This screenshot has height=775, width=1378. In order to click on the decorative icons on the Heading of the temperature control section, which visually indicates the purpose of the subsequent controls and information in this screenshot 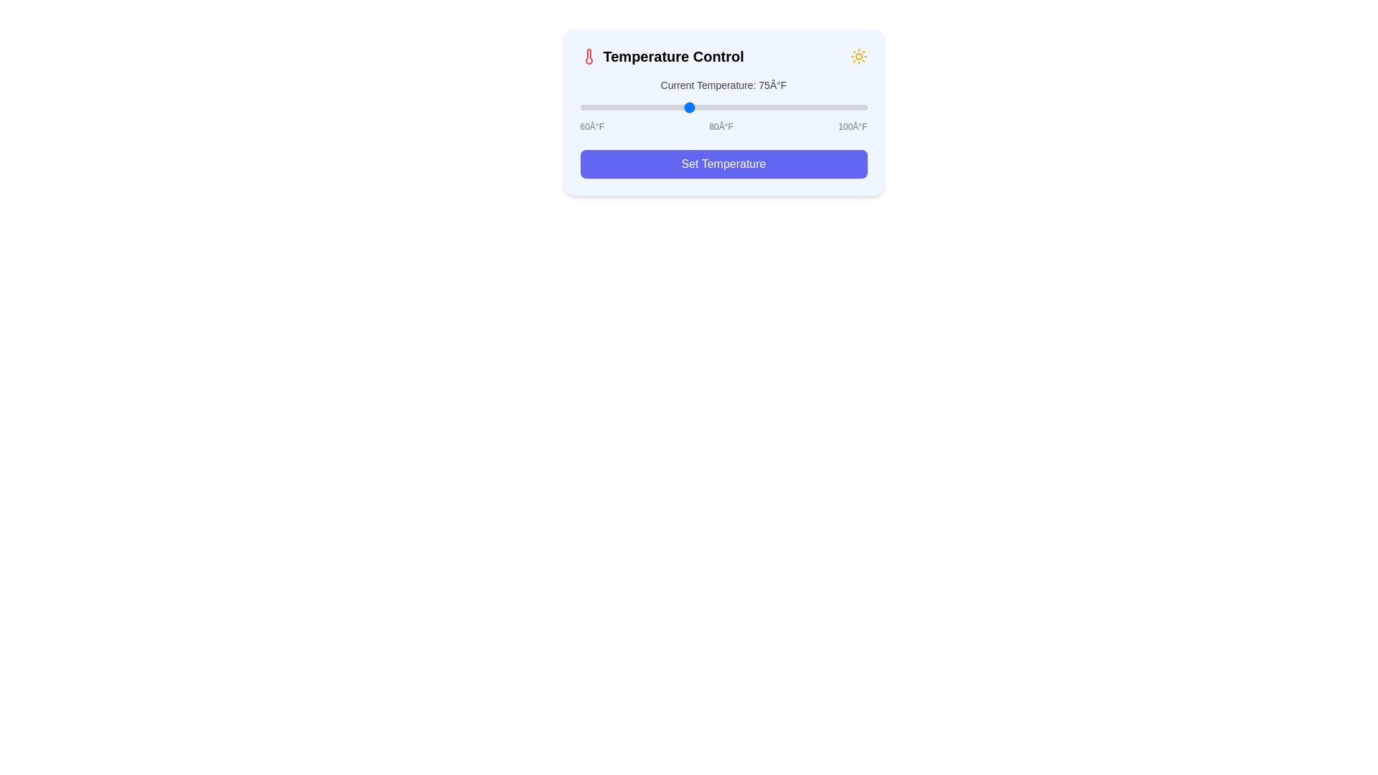, I will do `click(723, 55)`.